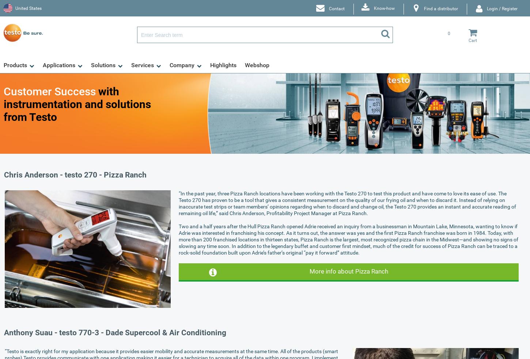 The image size is (530, 359). I want to click on 'Services', so click(142, 65).